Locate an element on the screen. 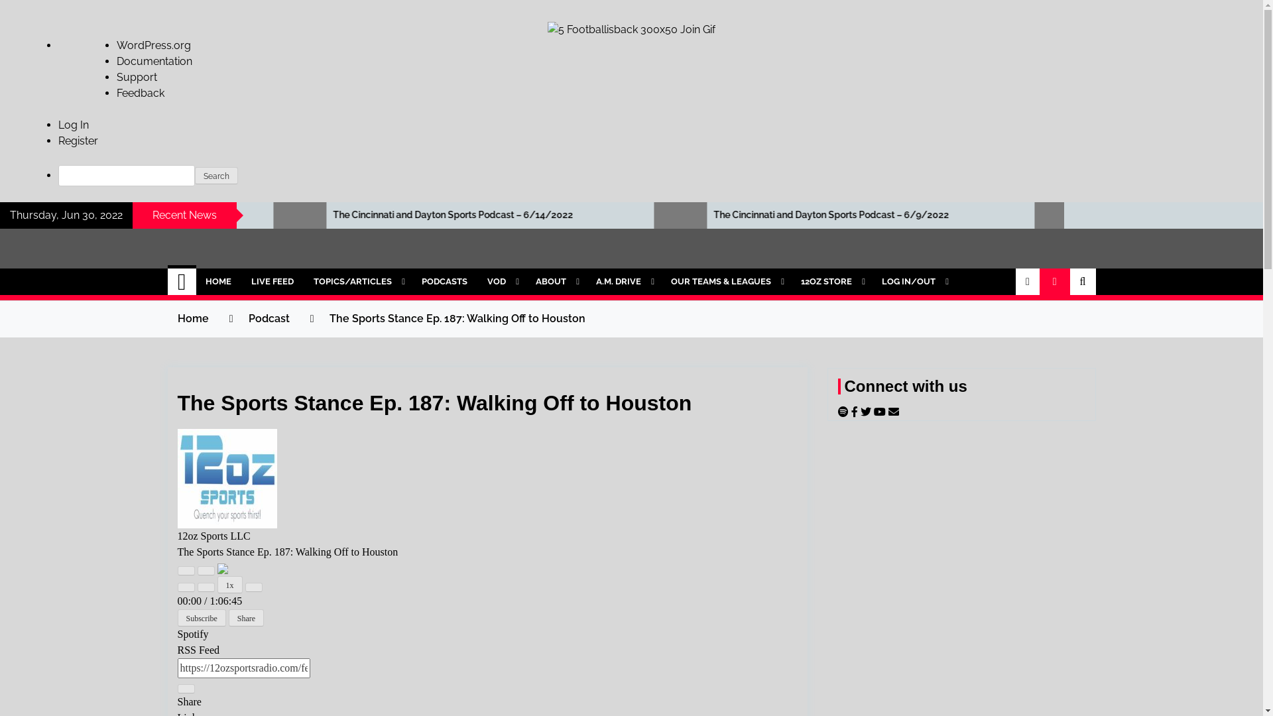  'The Sports Stance Ep. 187: Walking Off to Houston' is located at coordinates (457, 318).